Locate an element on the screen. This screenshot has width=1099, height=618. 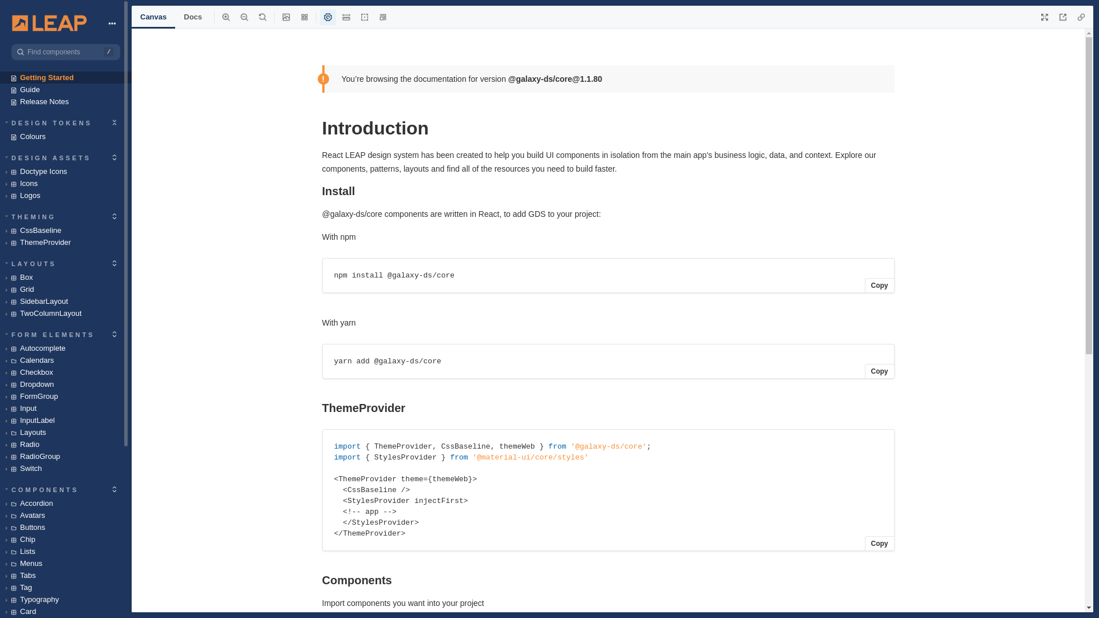
'Logos' is located at coordinates (65, 195).